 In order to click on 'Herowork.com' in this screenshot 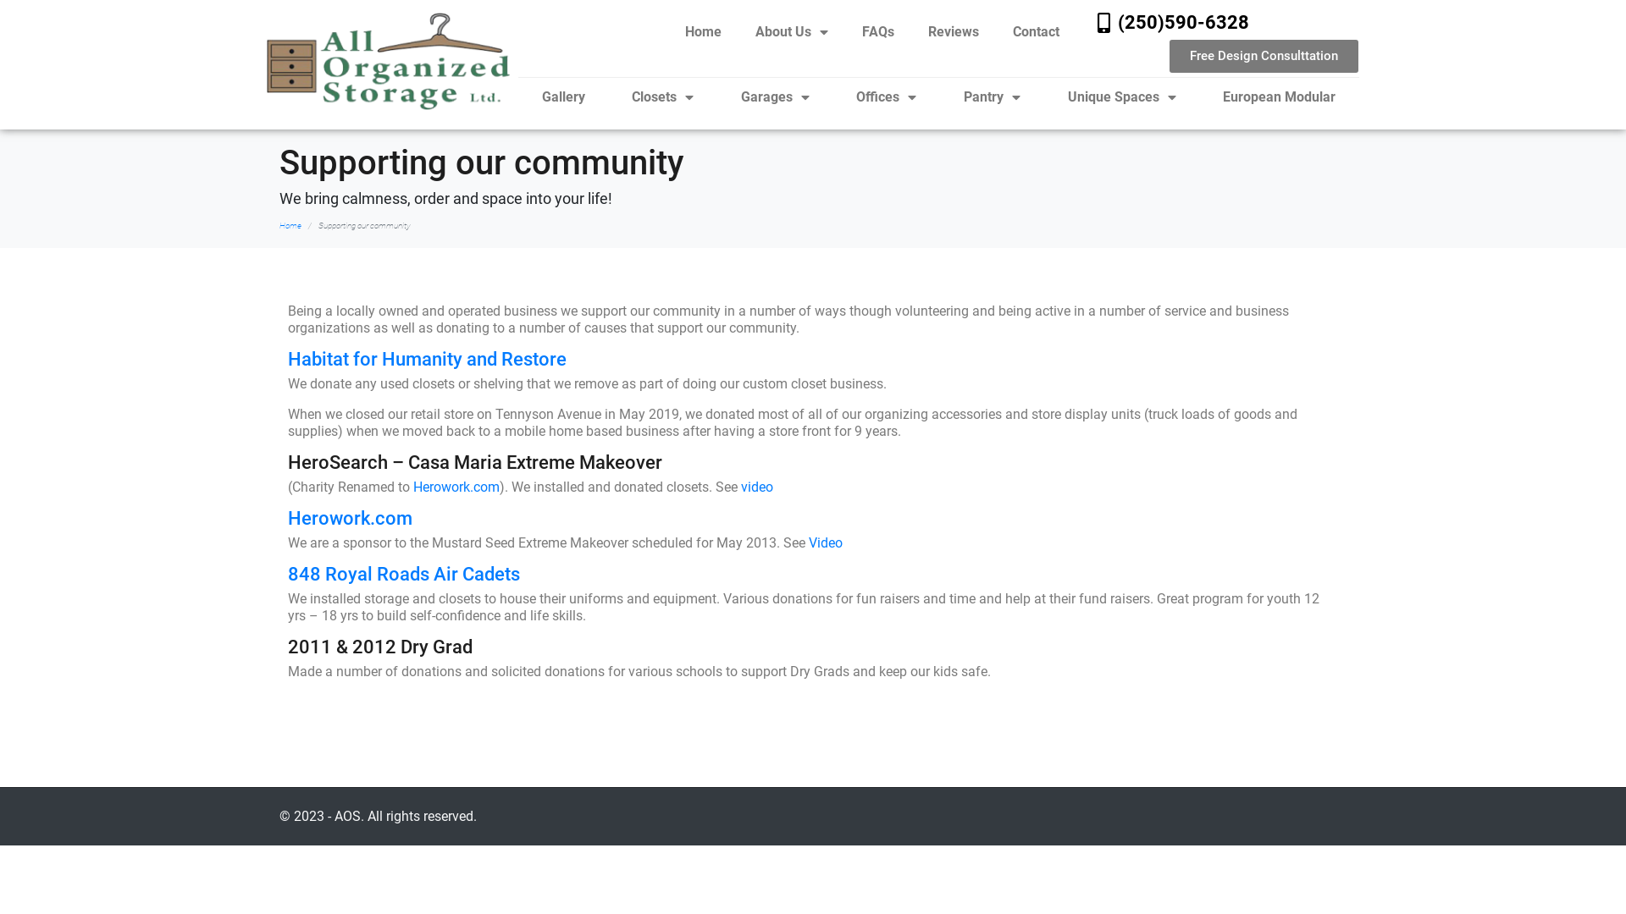, I will do `click(288, 517)`.